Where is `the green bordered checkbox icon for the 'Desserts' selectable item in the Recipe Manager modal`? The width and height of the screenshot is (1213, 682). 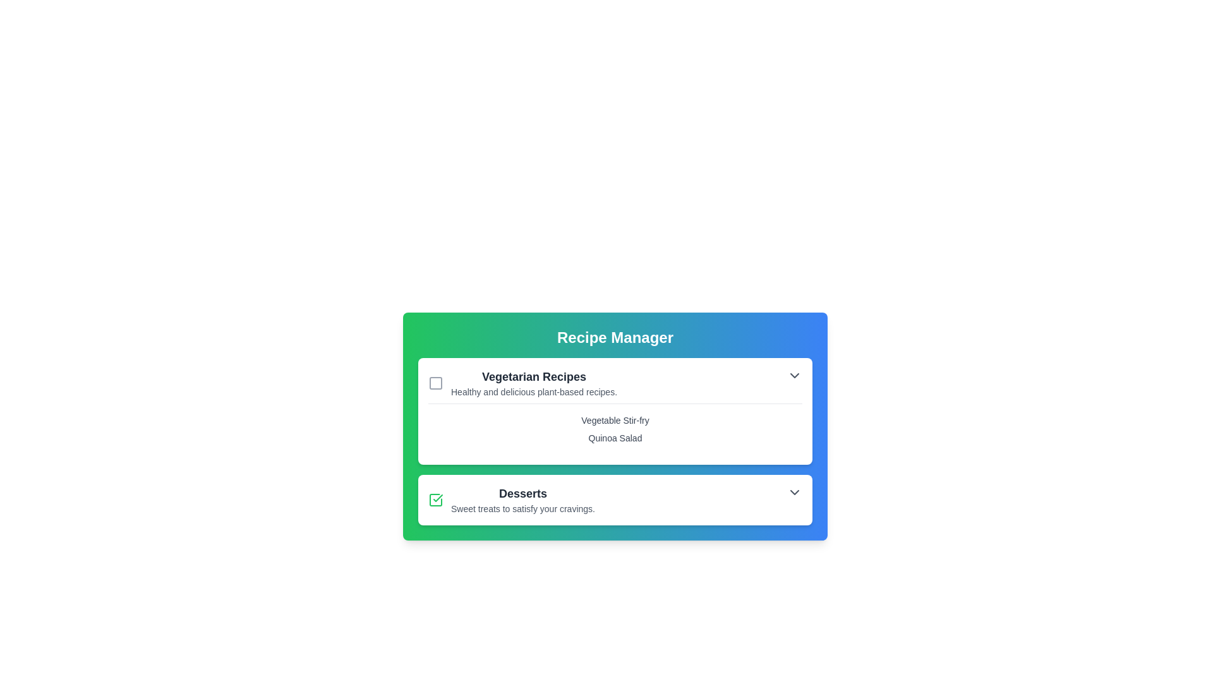 the green bordered checkbox icon for the 'Desserts' selectable item in the Recipe Manager modal is located at coordinates (512, 499).